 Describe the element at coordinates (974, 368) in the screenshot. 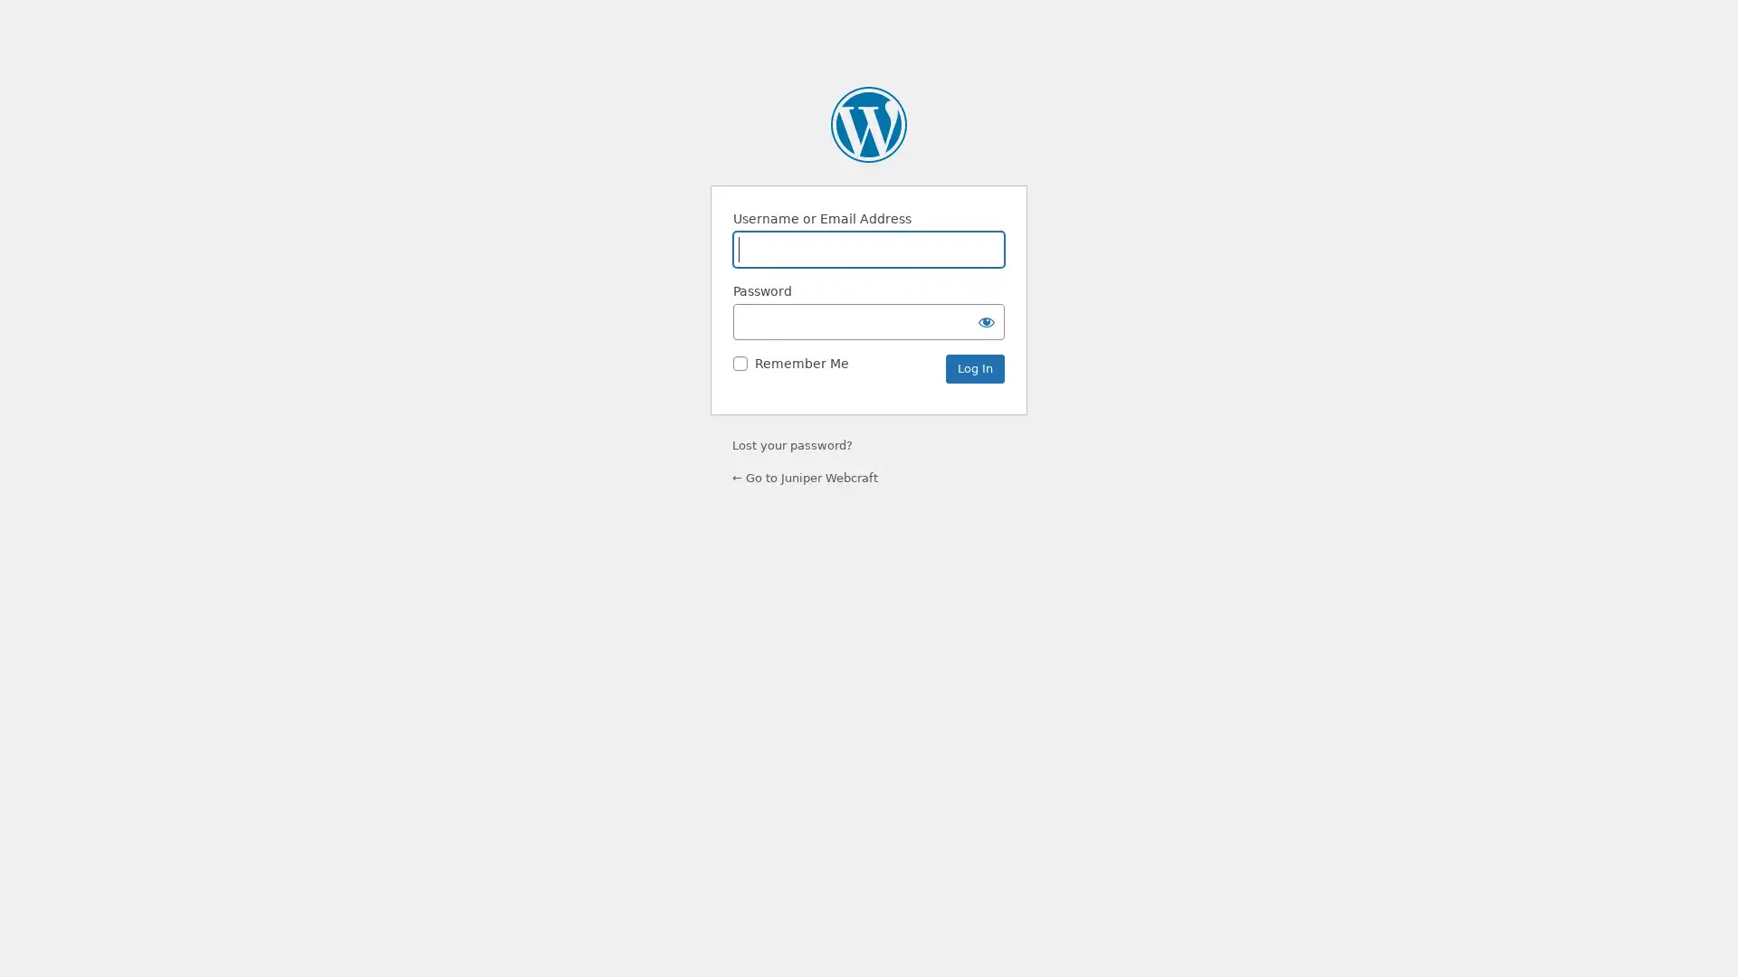

I see `Log In` at that location.